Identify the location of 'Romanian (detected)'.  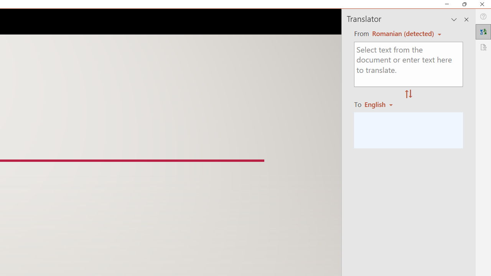
(401, 33).